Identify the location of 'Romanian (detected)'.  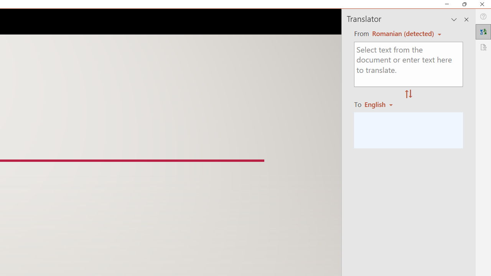
(401, 33).